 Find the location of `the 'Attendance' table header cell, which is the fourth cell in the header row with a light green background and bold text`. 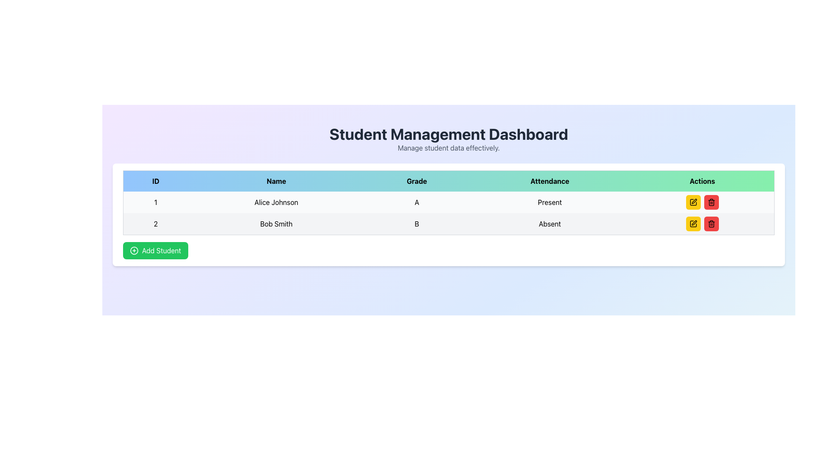

the 'Attendance' table header cell, which is the fourth cell in the header row with a light green background and bold text is located at coordinates (549, 180).